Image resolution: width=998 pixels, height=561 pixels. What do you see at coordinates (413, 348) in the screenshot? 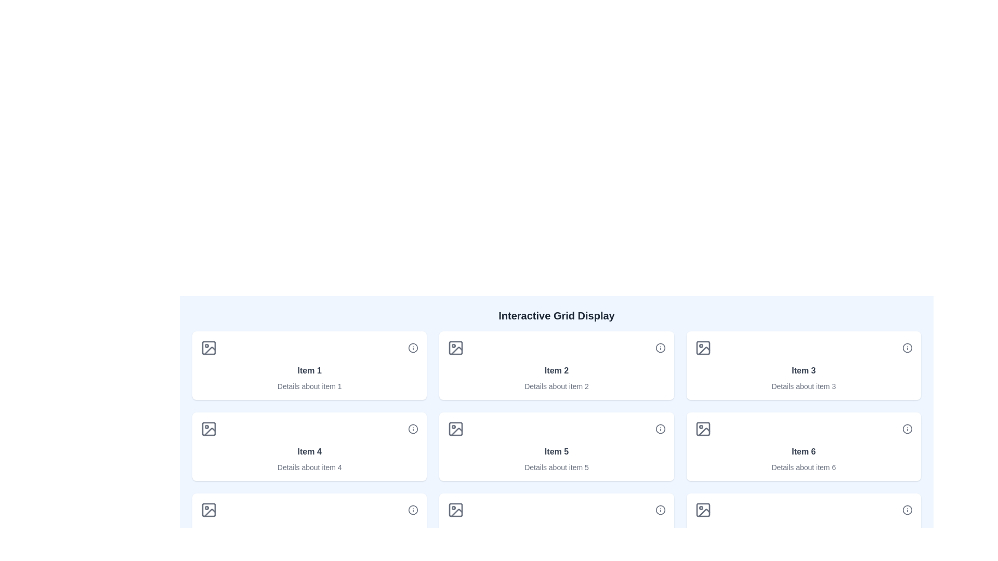
I see `the circular icon with a defined border stroke located in the top-right corner of the card representing 'Item 1' in the interactive grid layout` at bounding box center [413, 348].